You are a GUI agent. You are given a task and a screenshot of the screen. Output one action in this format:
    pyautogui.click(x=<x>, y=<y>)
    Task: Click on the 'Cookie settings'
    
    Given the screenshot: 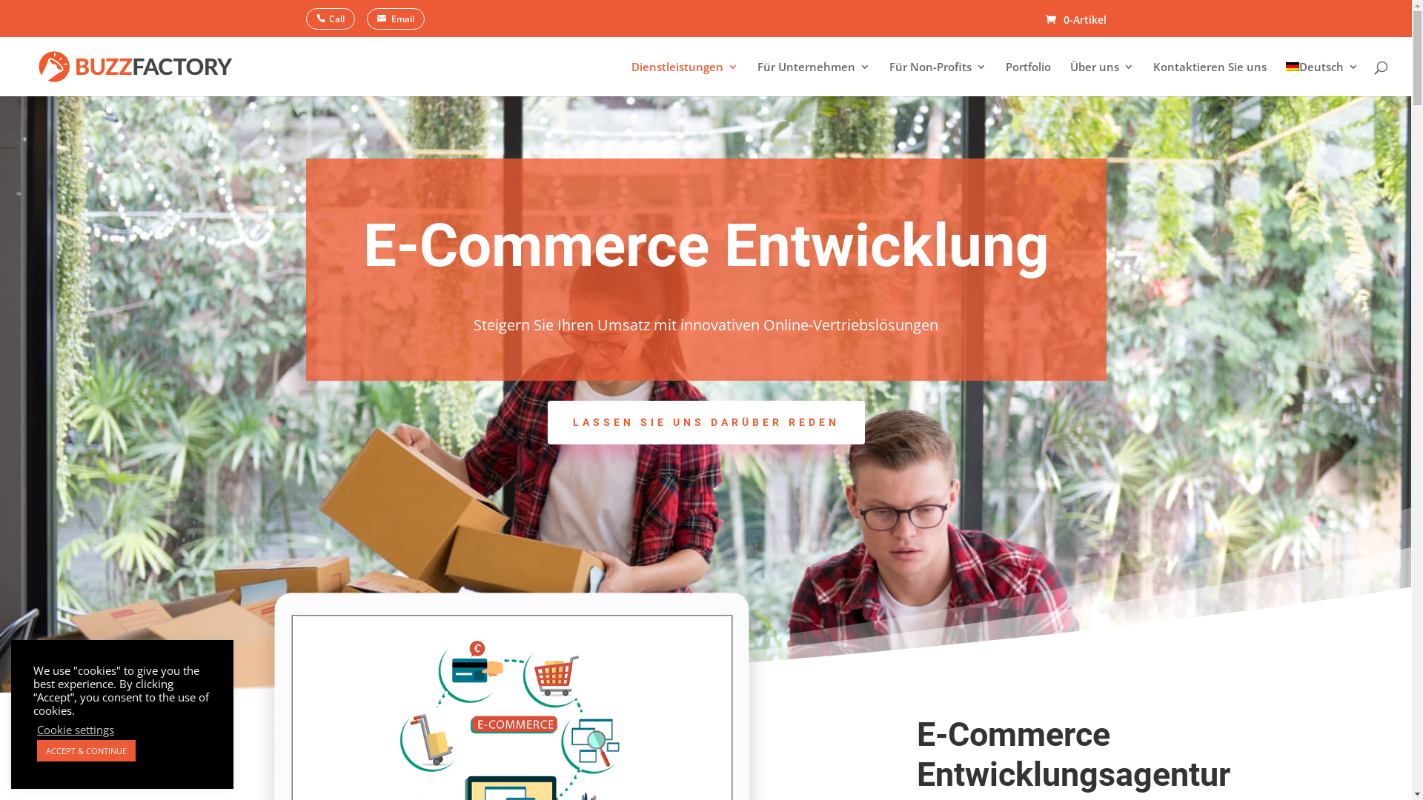 What is the action you would take?
    pyautogui.click(x=74, y=728)
    